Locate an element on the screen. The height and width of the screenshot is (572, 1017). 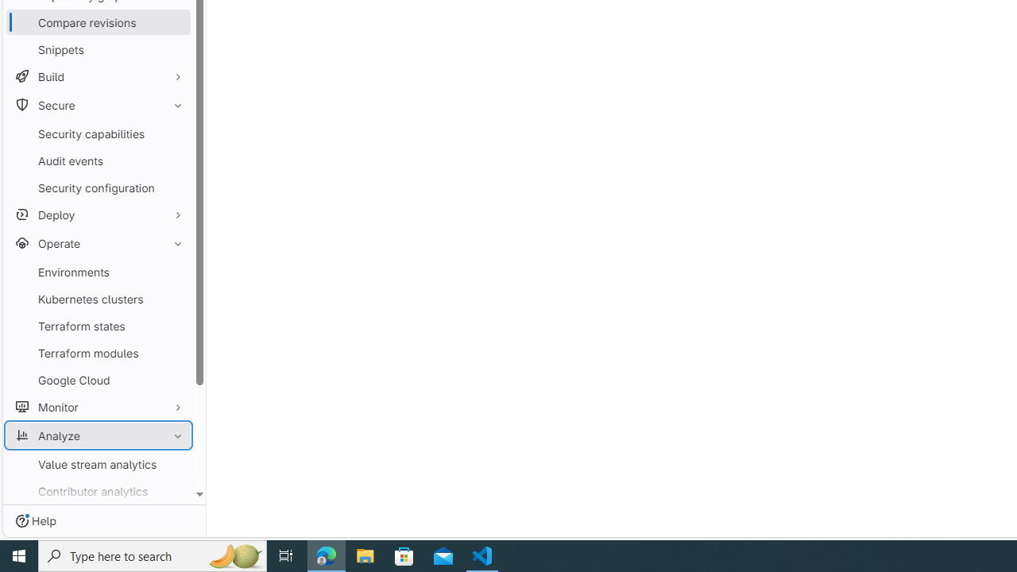
'Security configuration' is located at coordinates (98, 187).